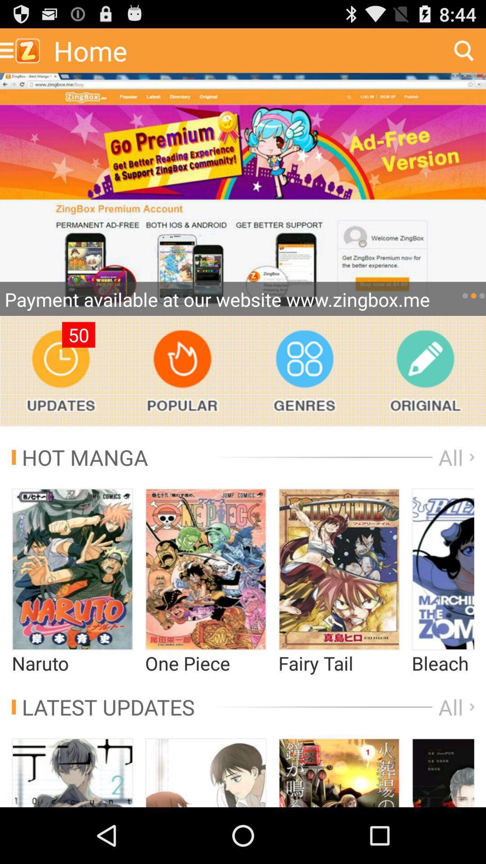 This screenshot has width=486, height=864. I want to click on icon next to the all, so click(79, 457).